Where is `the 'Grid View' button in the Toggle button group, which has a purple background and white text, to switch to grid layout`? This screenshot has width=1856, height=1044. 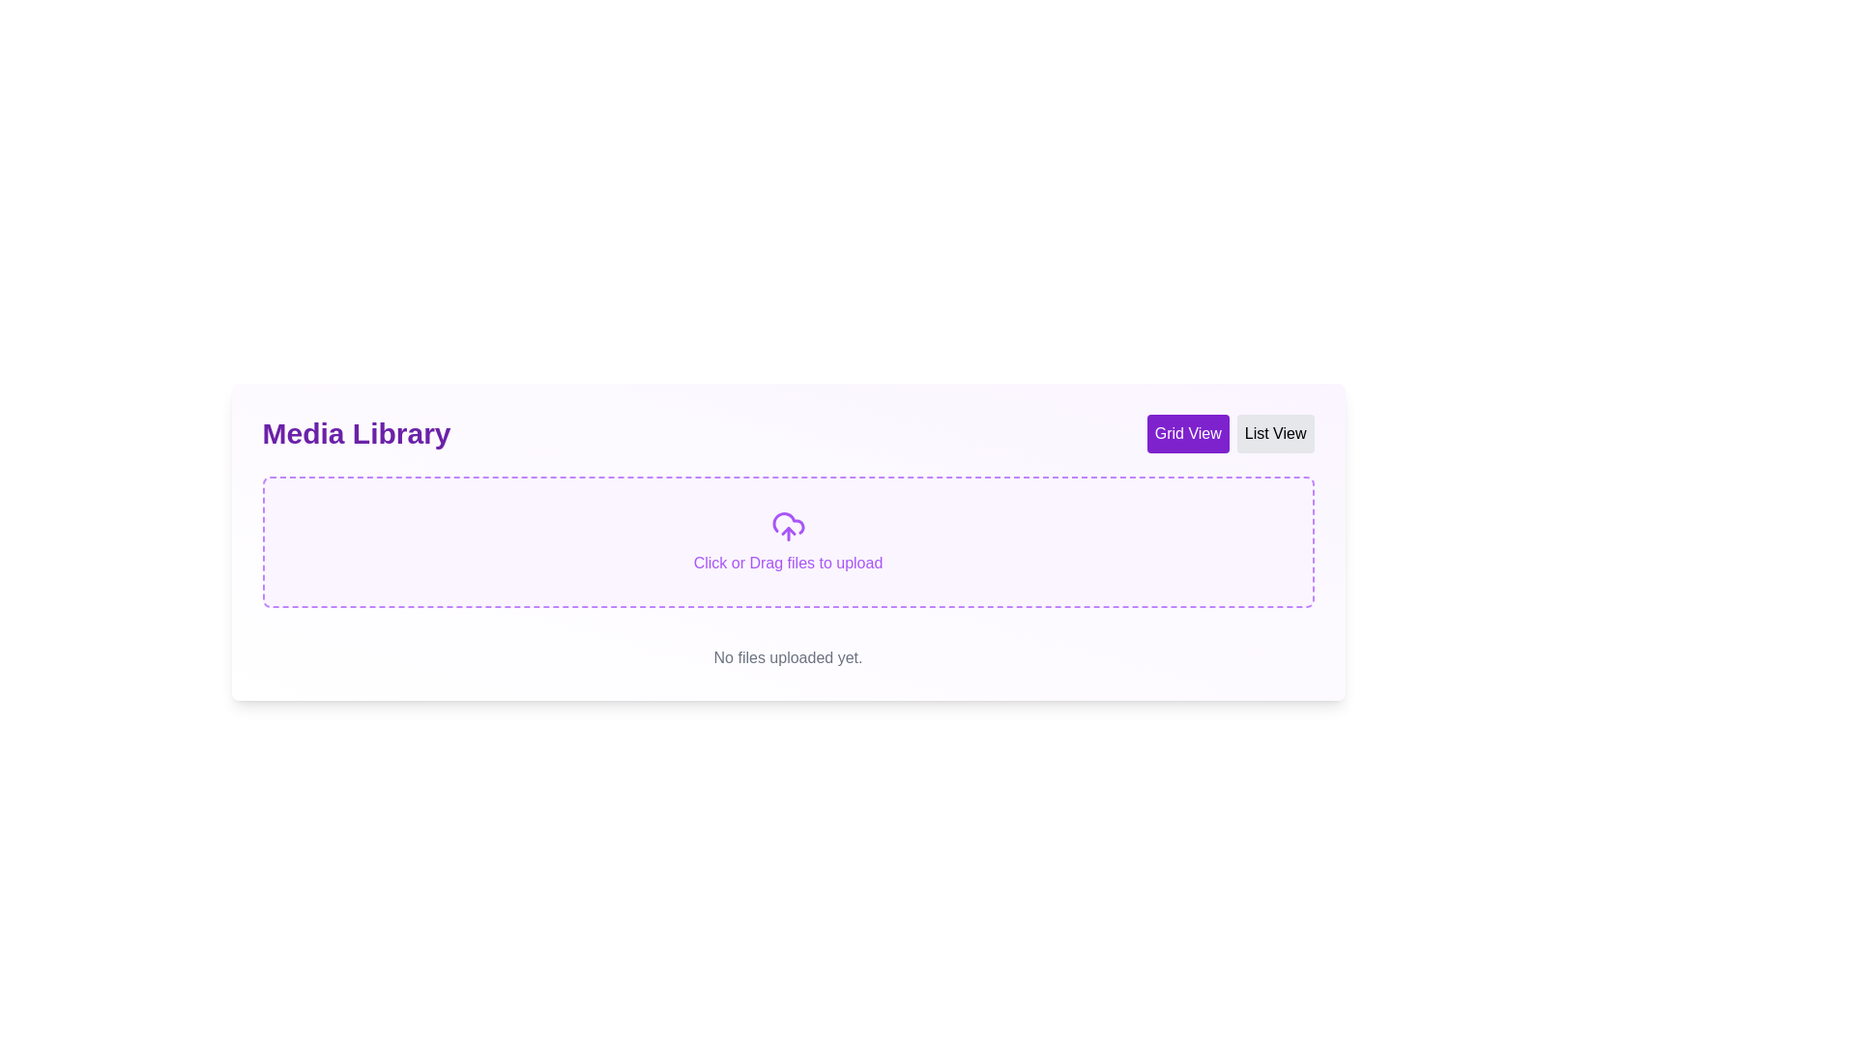
the 'Grid View' button in the Toggle button group, which has a purple background and white text, to switch to grid layout is located at coordinates (1230, 432).